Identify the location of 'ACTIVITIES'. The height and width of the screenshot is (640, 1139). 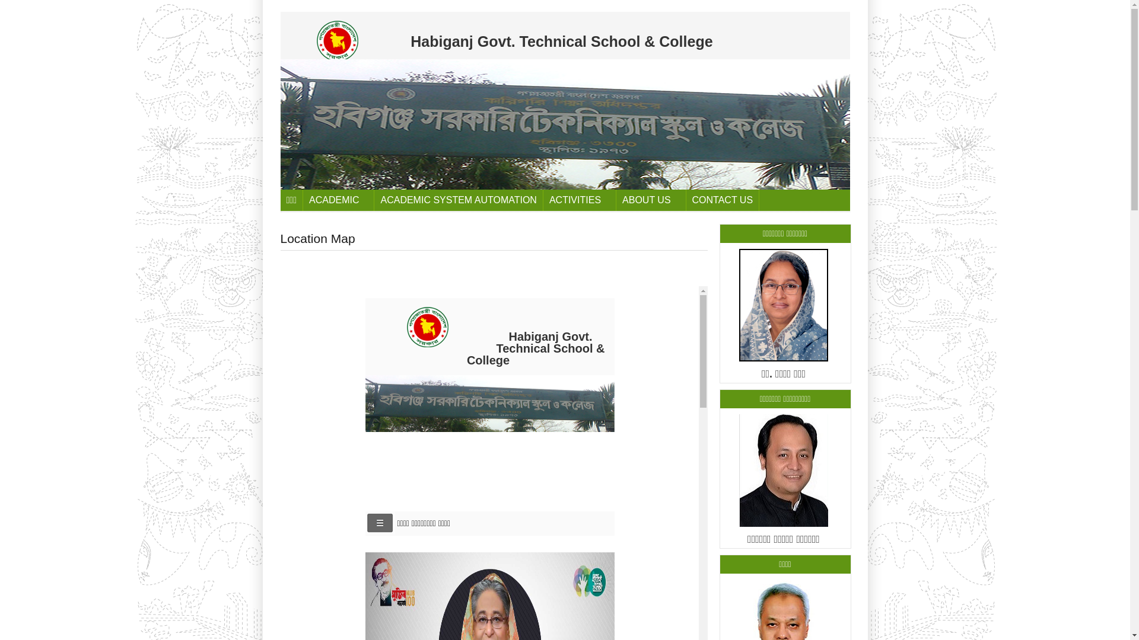
(543, 200).